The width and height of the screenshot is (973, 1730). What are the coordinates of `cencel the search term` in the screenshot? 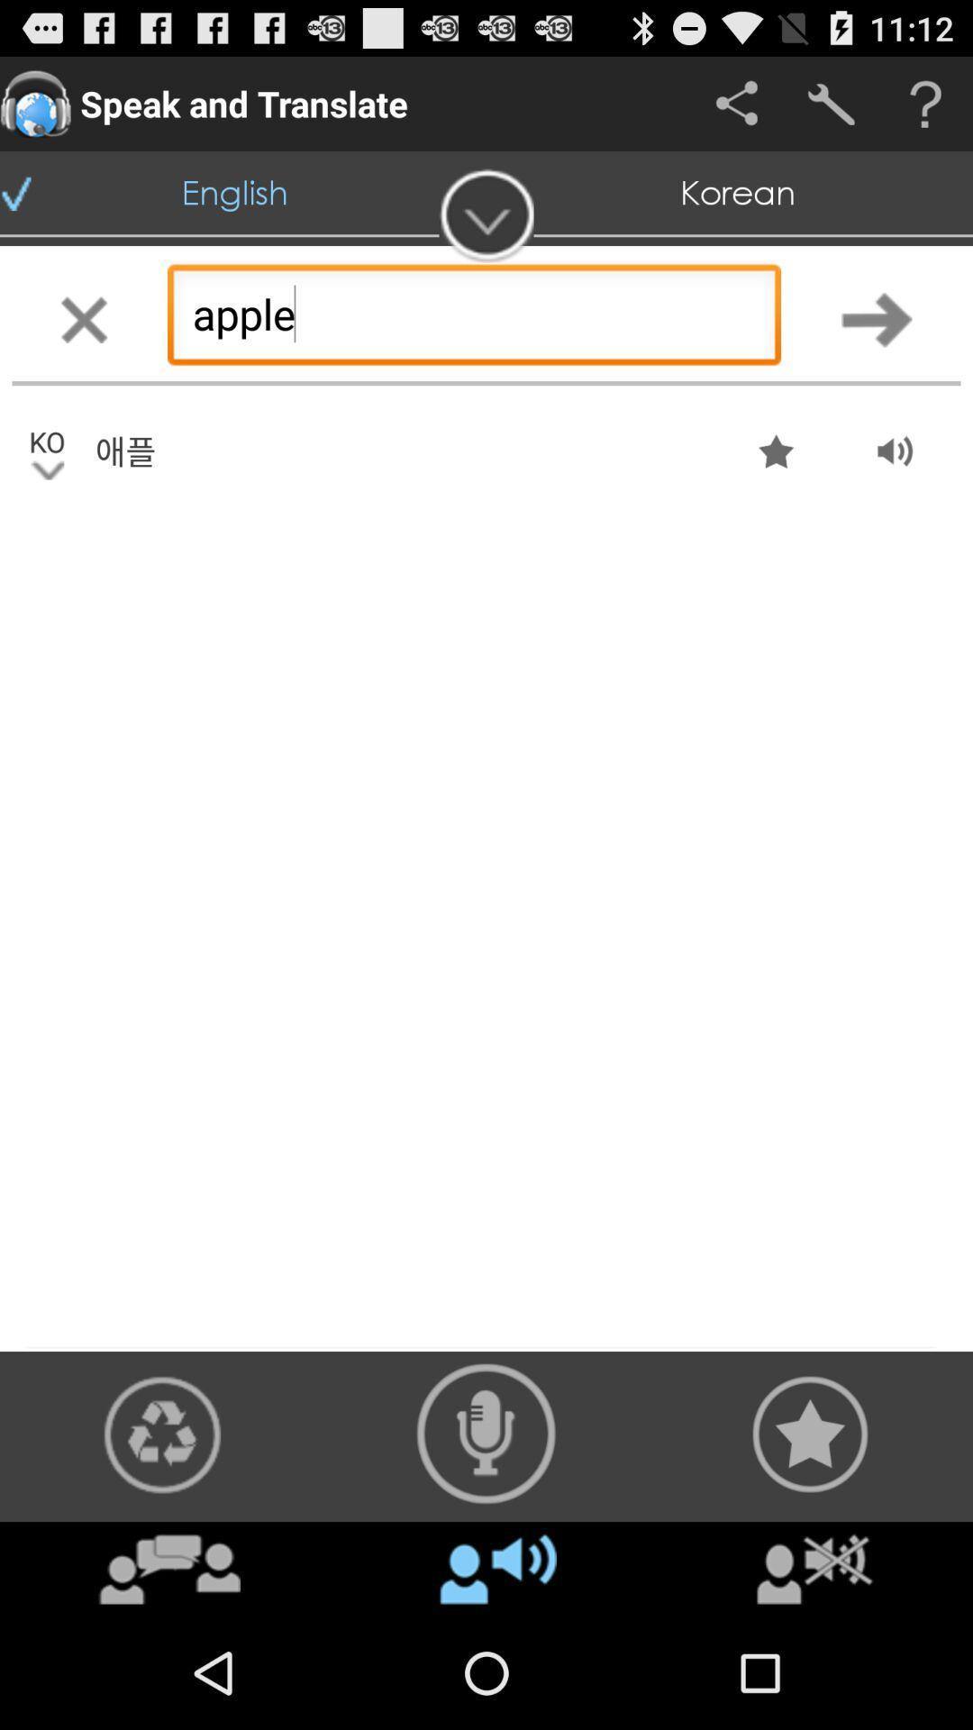 It's located at (83, 319).